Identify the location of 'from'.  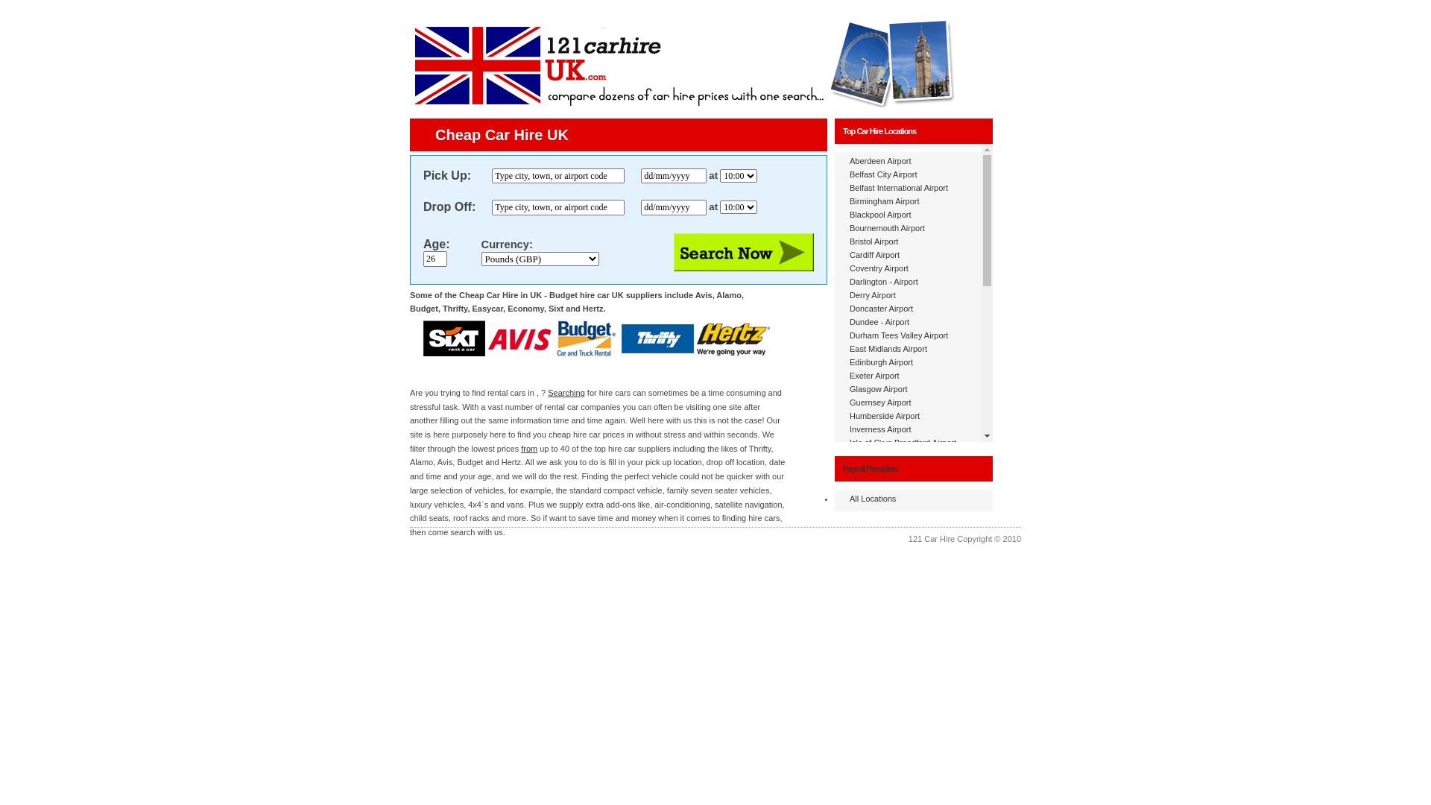
(529, 447).